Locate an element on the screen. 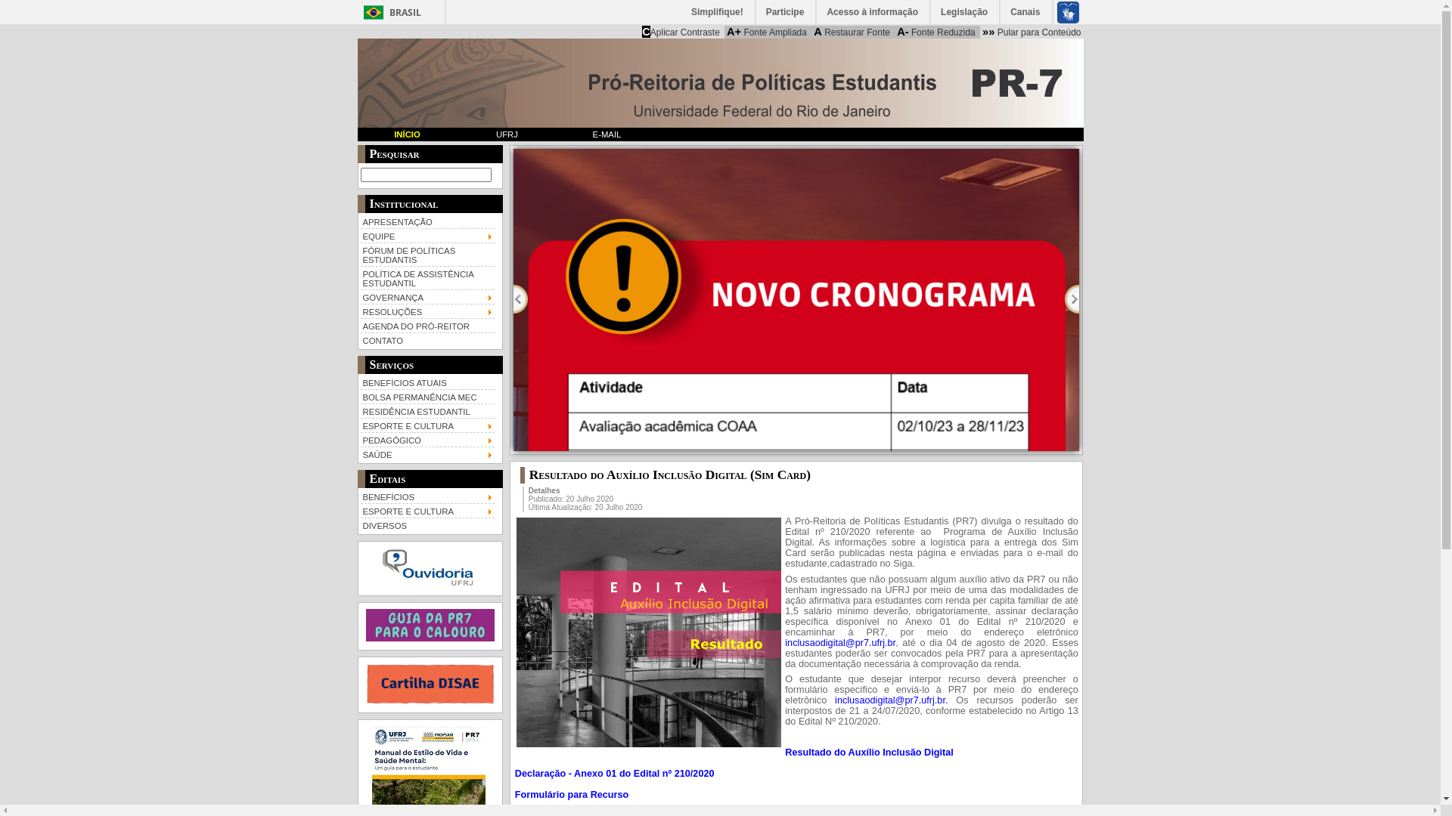 This screenshot has height=816, width=1452. 'Next' is located at coordinates (1063, 299).